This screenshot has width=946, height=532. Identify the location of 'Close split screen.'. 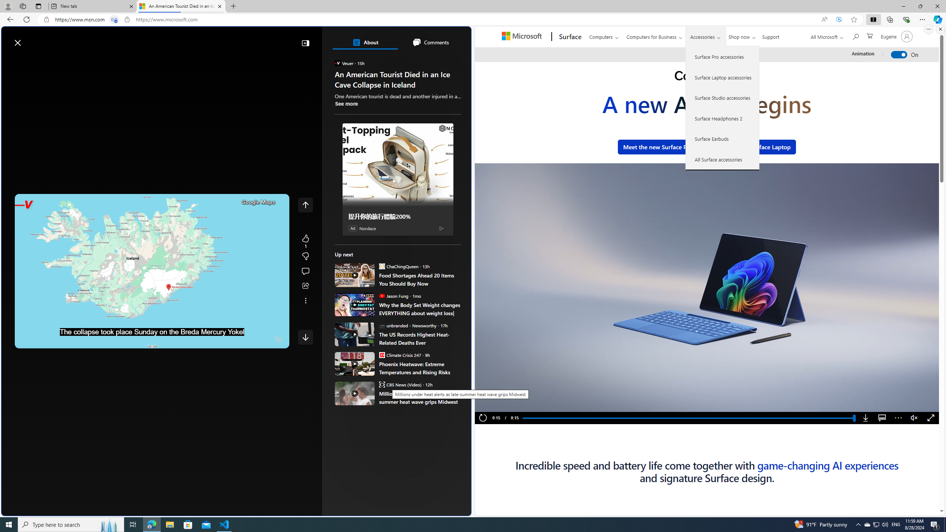
(940, 29).